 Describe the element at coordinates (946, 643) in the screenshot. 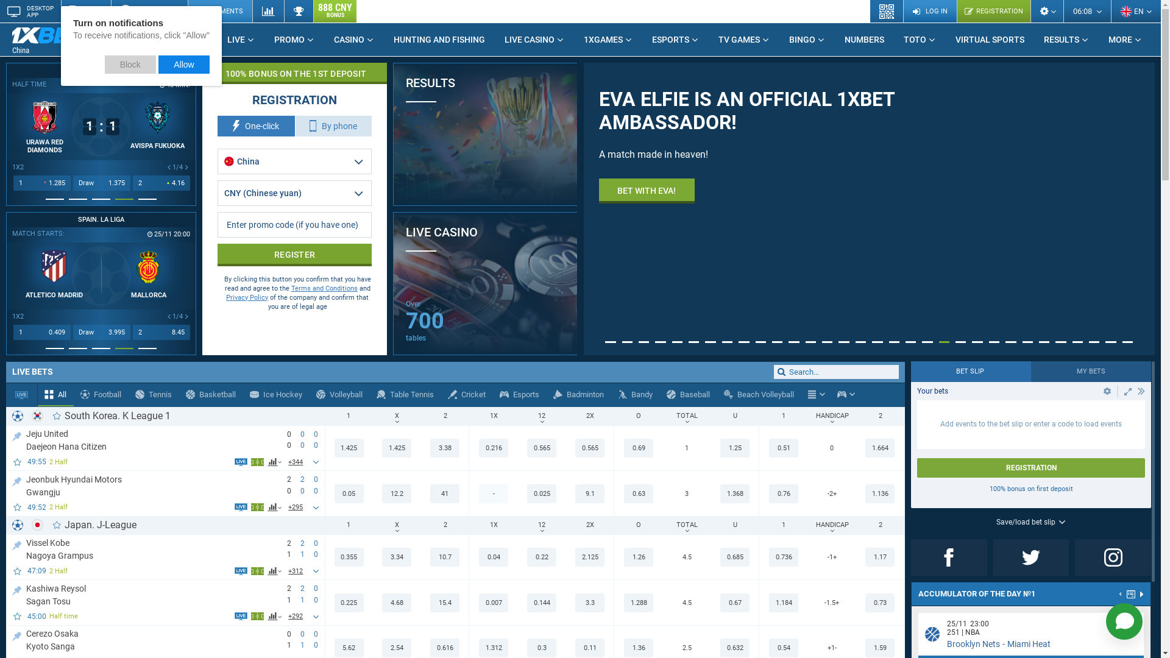

I see `'Brooklyn NetsMiami Heat'` at that location.